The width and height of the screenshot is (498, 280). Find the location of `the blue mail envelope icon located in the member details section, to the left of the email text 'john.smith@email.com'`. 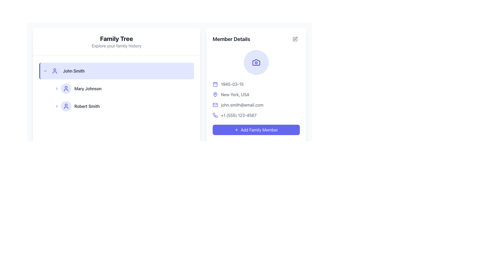

the blue mail envelope icon located in the member details section, to the left of the email text 'john.smith@email.com' is located at coordinates (215, 105).